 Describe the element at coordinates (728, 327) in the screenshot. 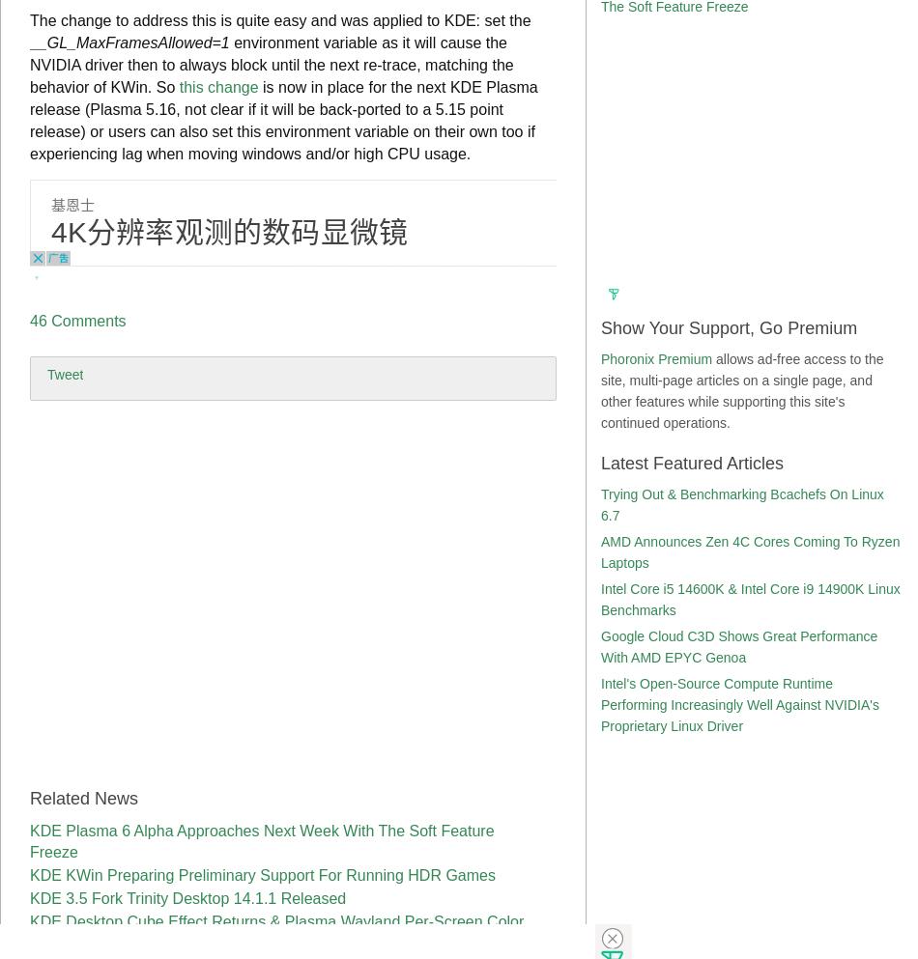

I see `'Show Your Support, Go Premium'` at that location.